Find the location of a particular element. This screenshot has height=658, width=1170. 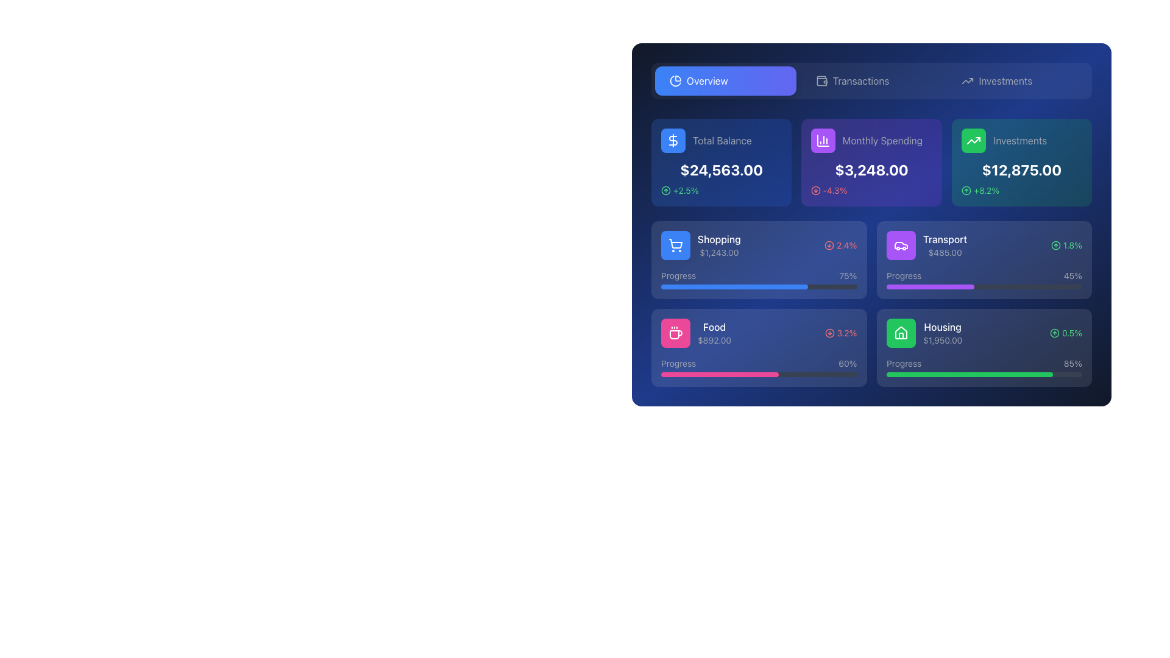

the 'Transactions' tab within the navigation bar for keyboard navigation is located at coordinates (871, 80).